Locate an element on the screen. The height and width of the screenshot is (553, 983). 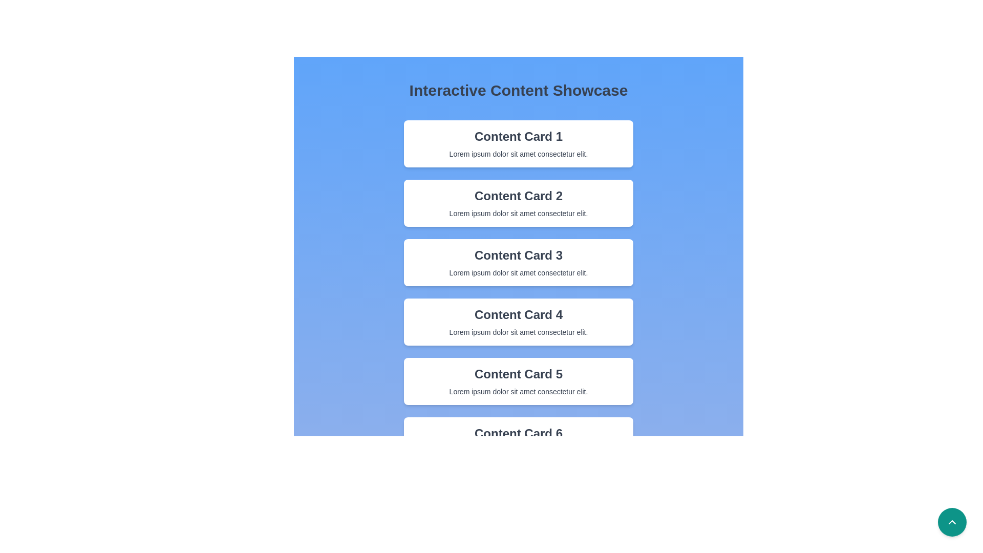
the text element that reads 'Lorem ipsum dolor sit amet consectetur elit.' which is located below the title 'Content Card 4' within the content card component is located at coordinates (518, 332).